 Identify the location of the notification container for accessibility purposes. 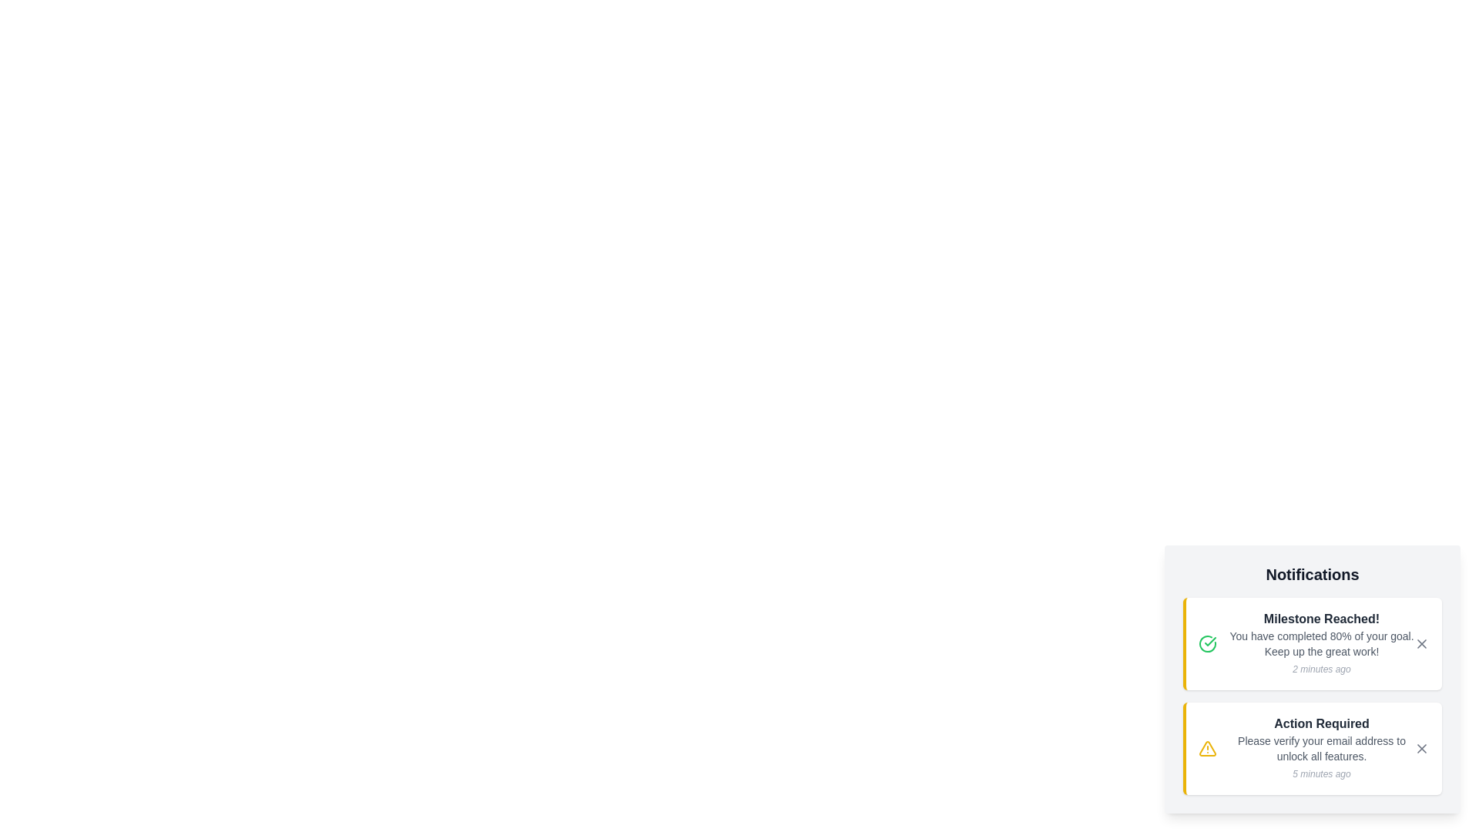
(1312, 679).